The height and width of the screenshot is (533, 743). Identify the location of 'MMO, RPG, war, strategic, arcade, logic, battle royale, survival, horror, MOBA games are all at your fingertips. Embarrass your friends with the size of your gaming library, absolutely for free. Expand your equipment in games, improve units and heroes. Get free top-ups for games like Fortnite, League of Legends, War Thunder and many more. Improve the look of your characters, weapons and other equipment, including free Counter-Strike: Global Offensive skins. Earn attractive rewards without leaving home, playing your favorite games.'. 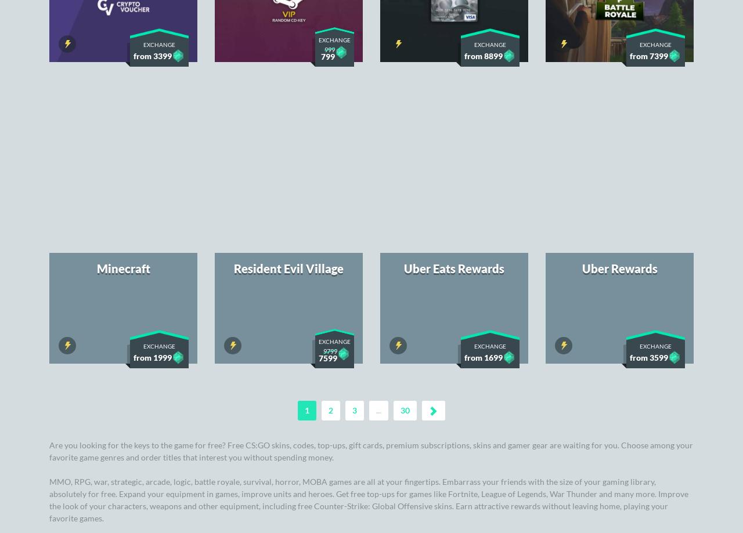
(368, 193).